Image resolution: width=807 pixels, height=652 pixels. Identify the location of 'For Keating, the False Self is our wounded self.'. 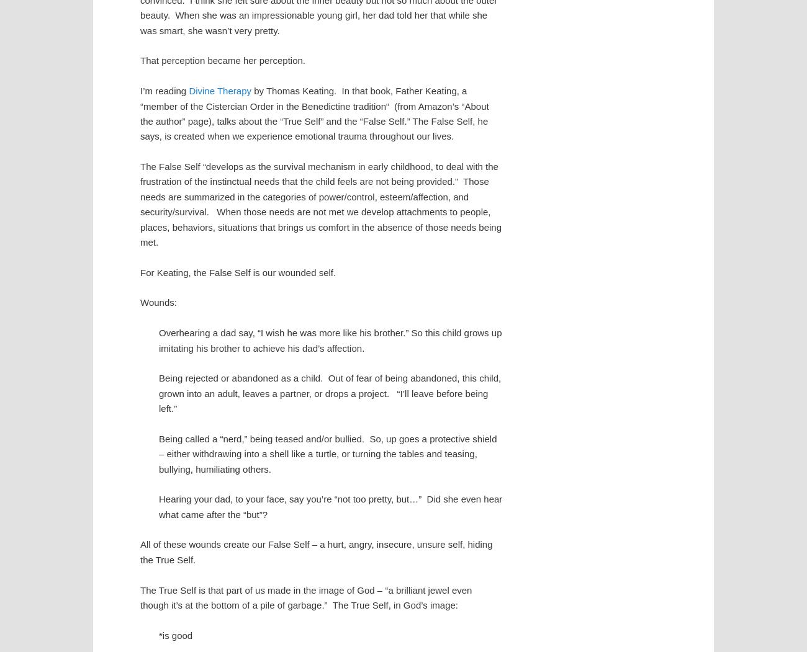
(238, 272).